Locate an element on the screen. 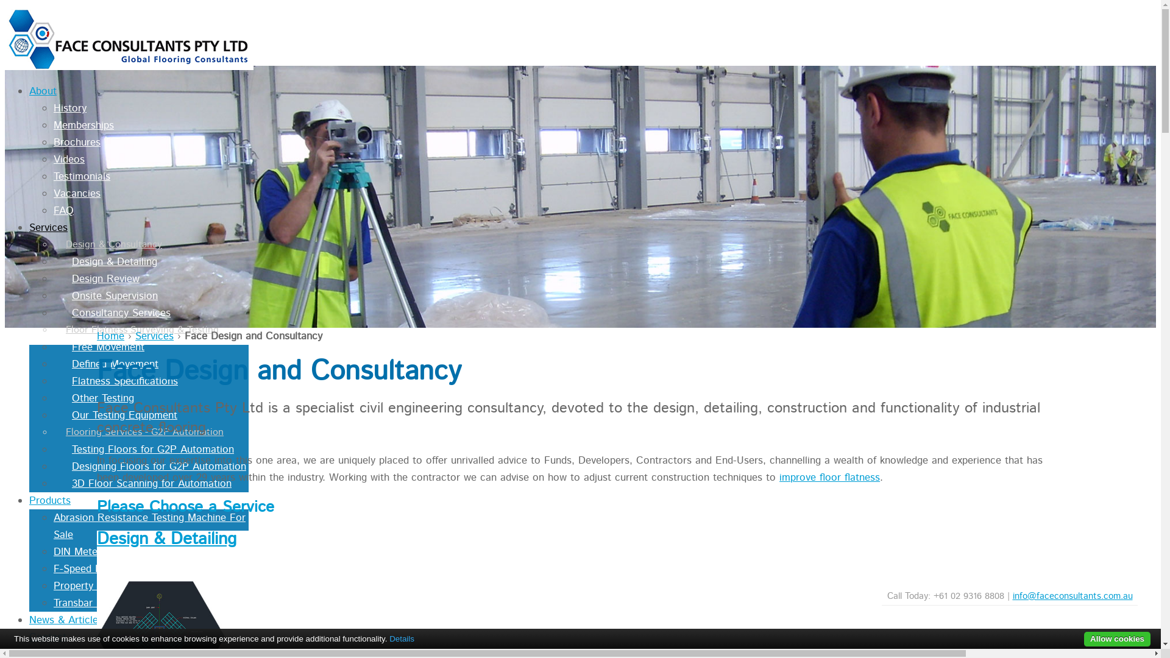 The height and width of the screenshot is (658, 1170). 'improve floor flatness' is located at coordinates (829, 476).